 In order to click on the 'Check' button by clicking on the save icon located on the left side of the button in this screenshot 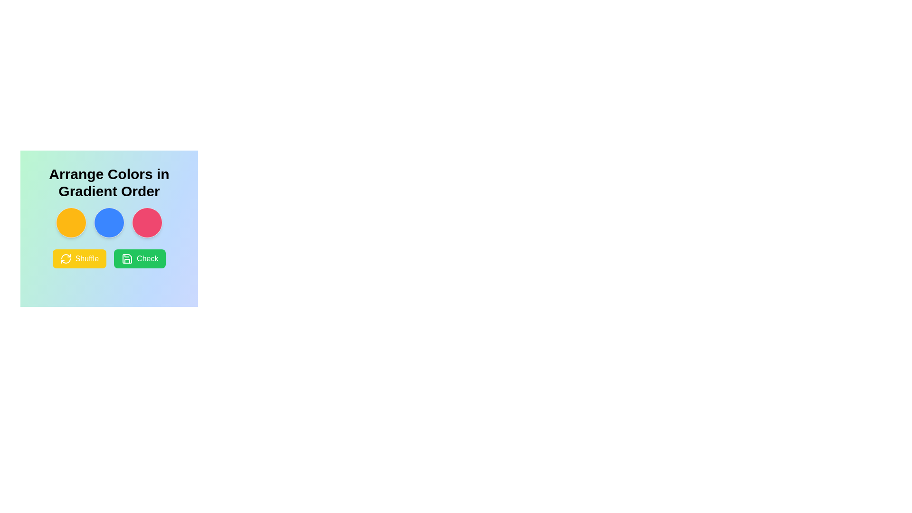, I will do `click(127, 258)`.